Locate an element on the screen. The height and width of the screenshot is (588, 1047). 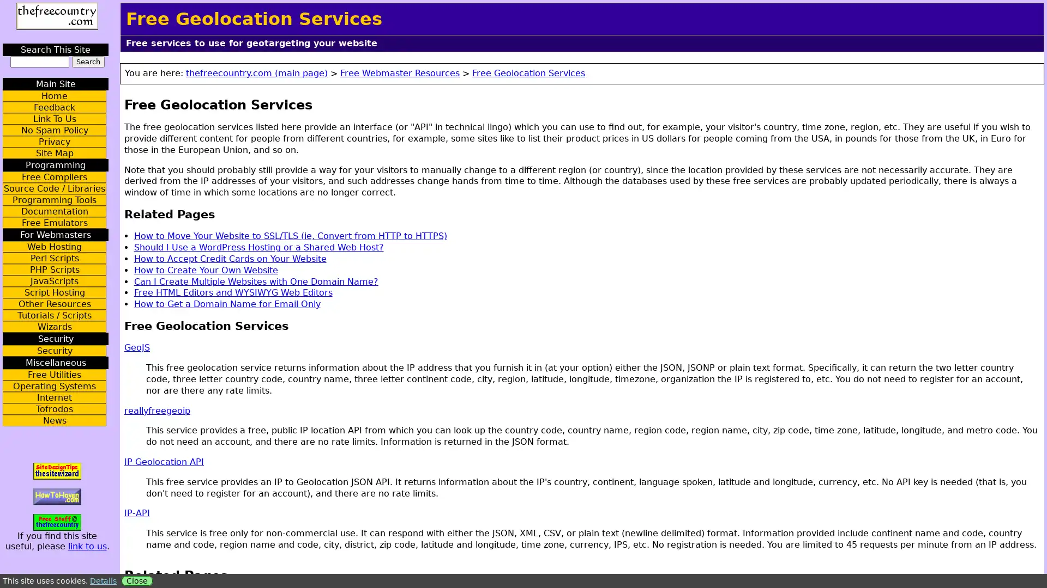
Search is located at coordinates (88, 62).